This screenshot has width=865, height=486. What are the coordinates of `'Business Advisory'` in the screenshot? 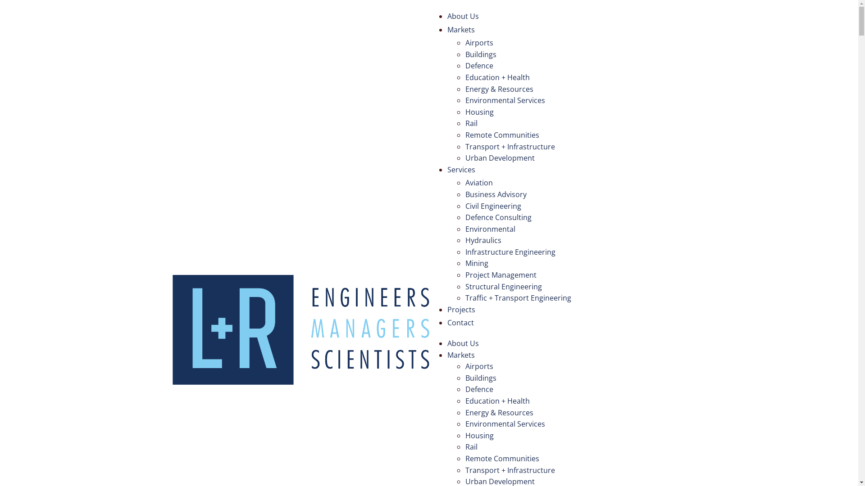 It's located at (495, 194).